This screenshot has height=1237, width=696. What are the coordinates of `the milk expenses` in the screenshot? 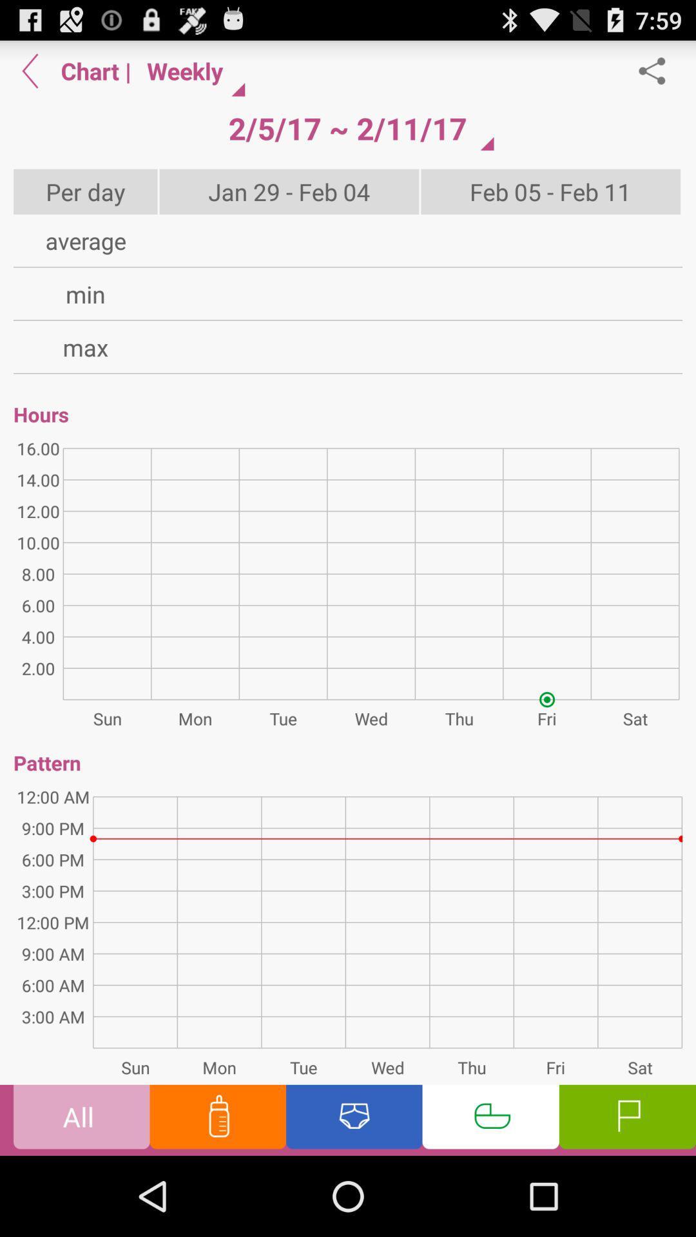 It's located at (217, 1119).